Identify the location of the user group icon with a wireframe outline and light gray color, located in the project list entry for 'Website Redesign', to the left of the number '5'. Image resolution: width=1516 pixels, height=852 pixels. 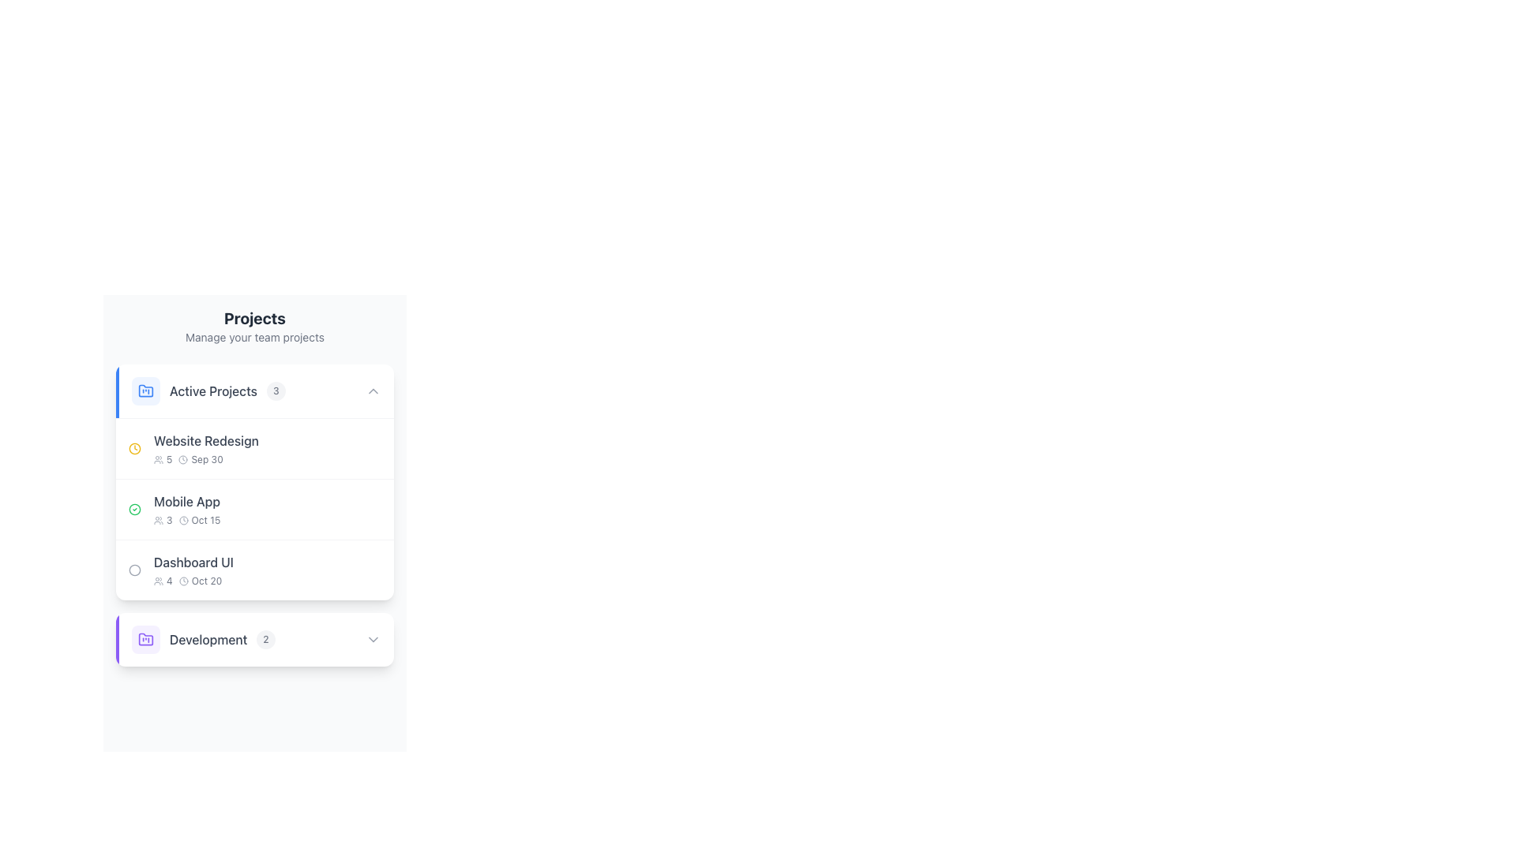
(159, 459).